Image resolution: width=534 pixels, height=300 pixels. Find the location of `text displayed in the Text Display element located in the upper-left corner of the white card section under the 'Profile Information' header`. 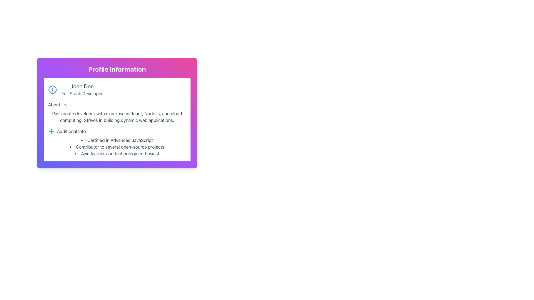

text displayed in the Text Display element located in the upper-left corner of the white card section under the 'Profile Information' header is located at coordinates (82, 89).